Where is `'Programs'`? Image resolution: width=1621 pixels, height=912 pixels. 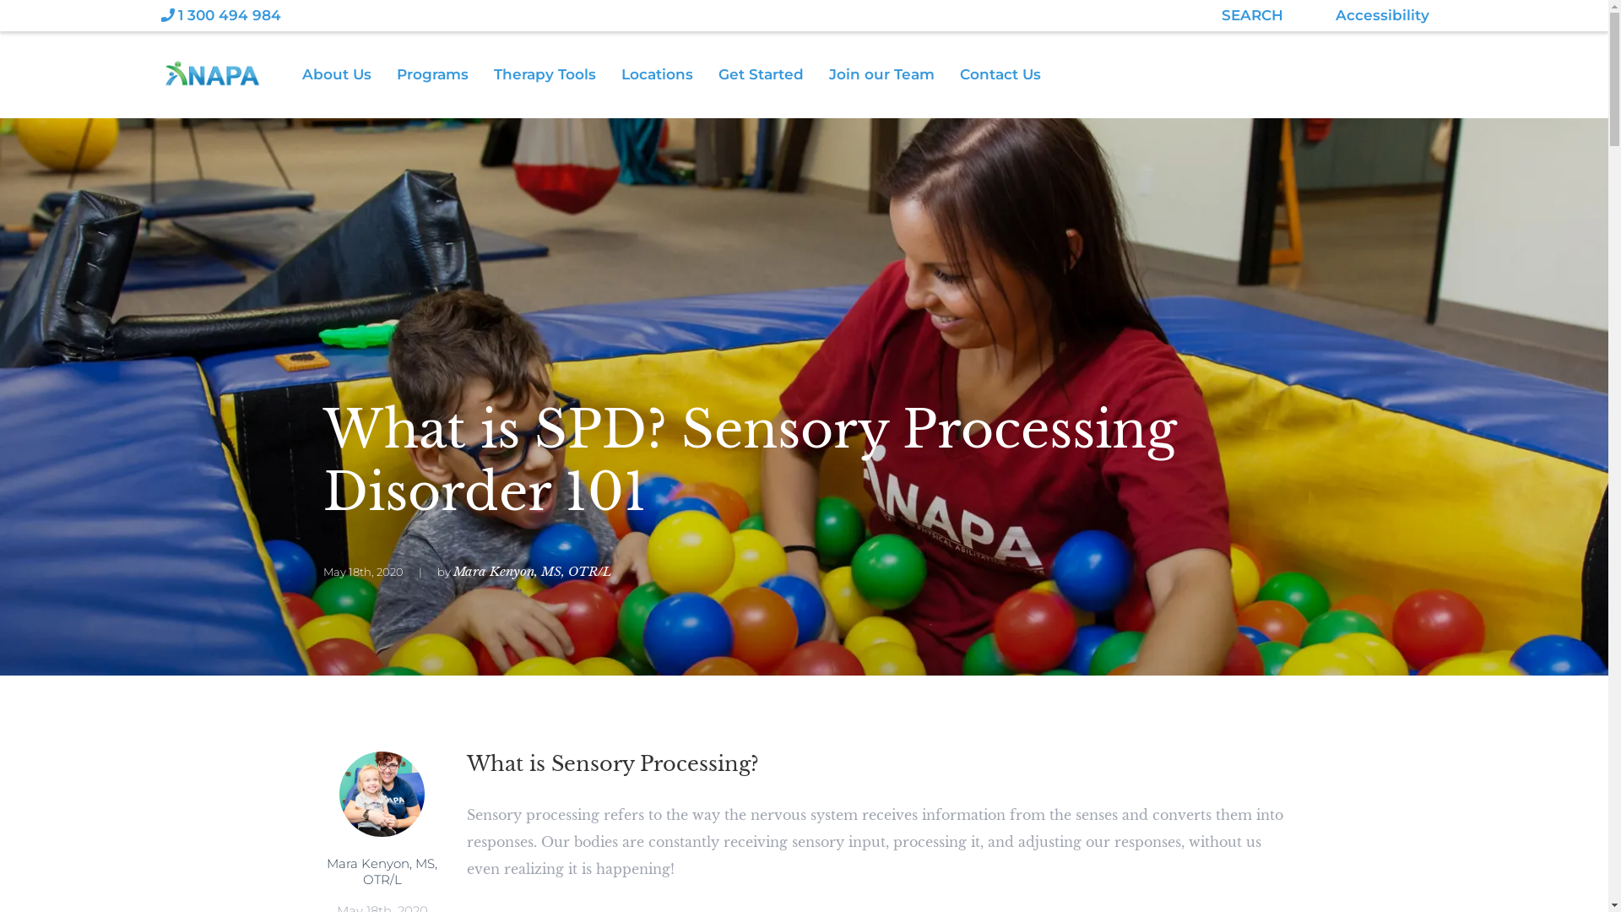 'Programs' is located at coordinates (445, 73).